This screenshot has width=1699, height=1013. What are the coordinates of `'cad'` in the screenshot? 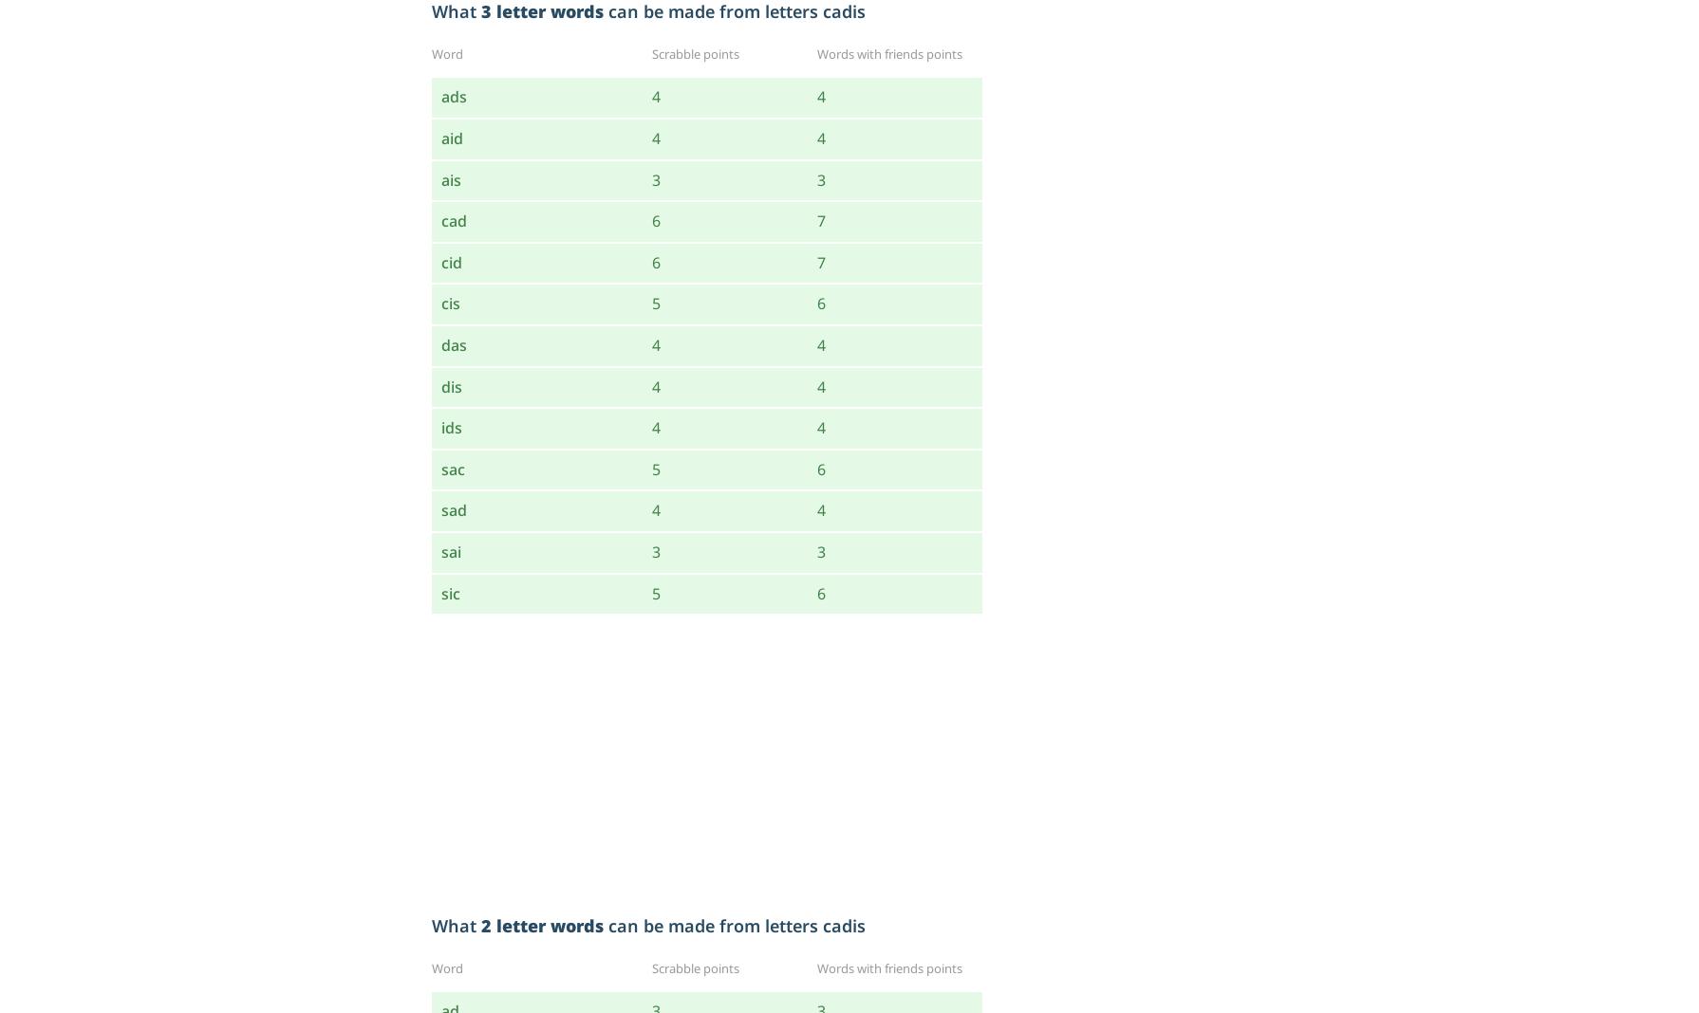 It's located at (440, 221).